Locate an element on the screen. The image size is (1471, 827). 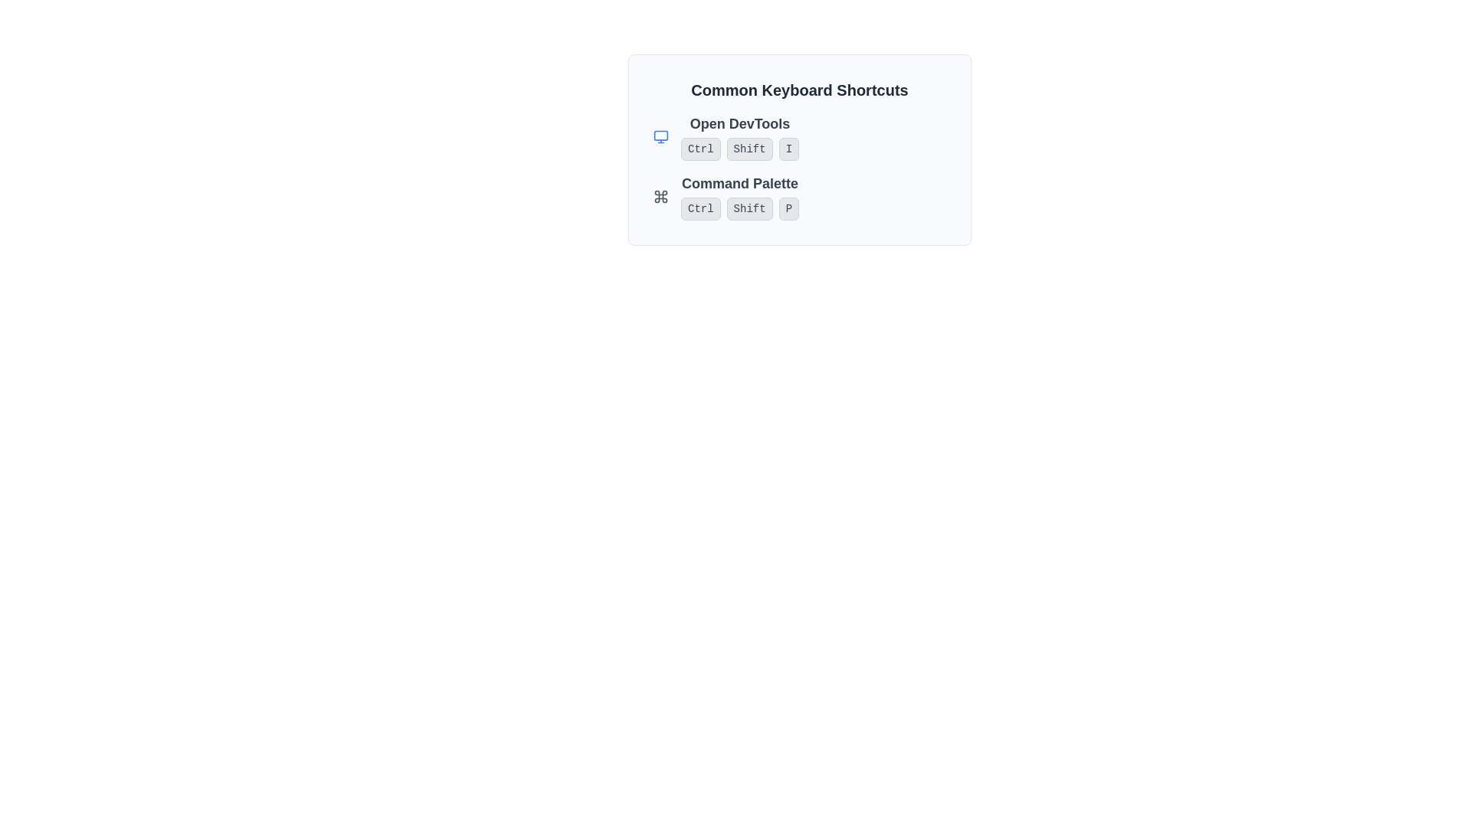
the Informative shortcut description that indicates the shortcut keys for the Command Palette, located below the 'Open DevTools' entry in the 'Common Keyboard Shortcuts' section is located at coordinates (798, 196).